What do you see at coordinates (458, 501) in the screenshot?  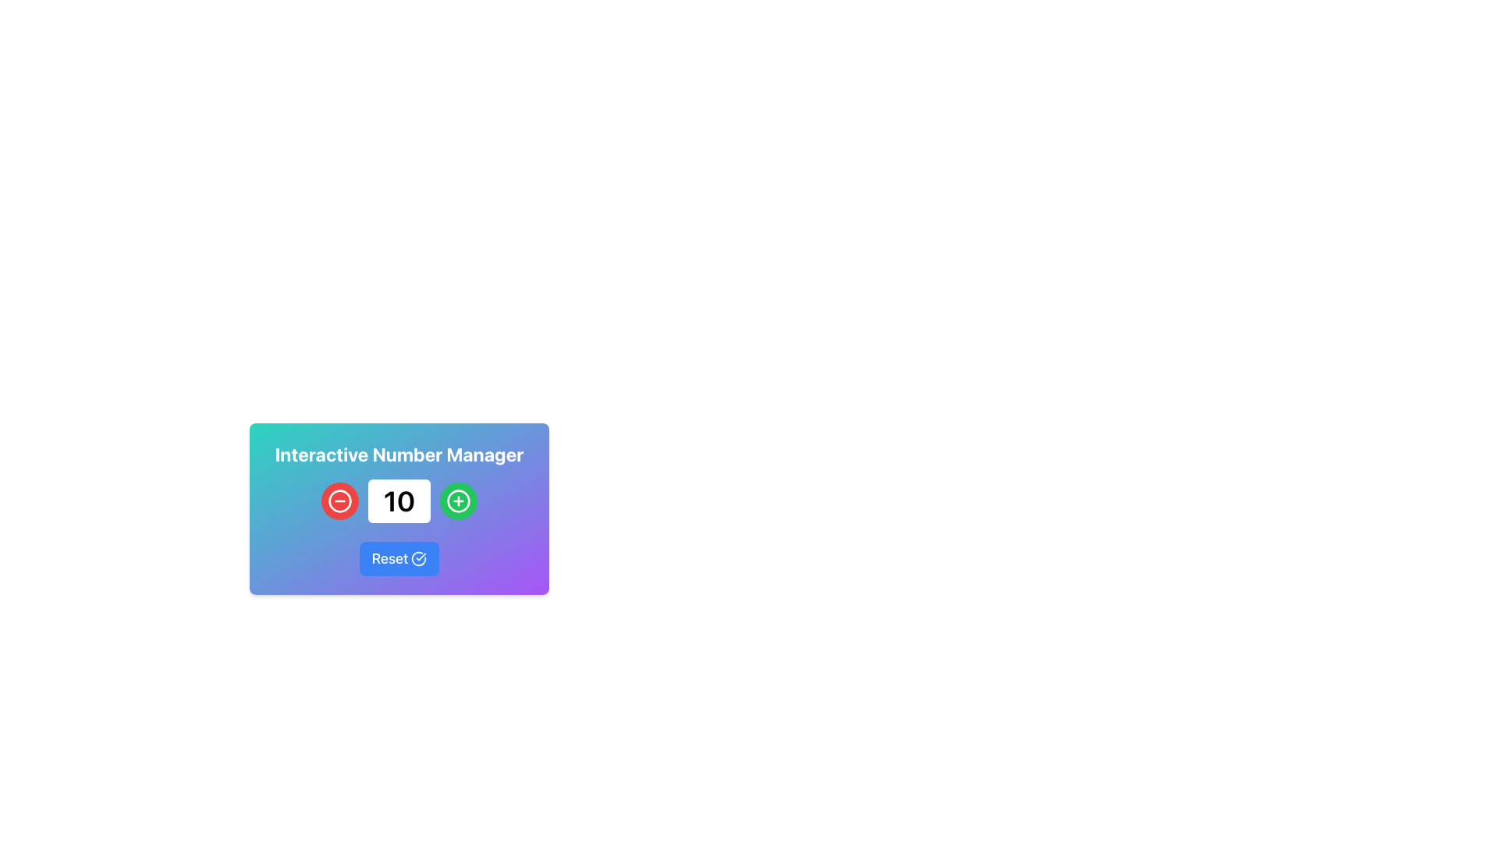 I see `the third button from the left in the horizontal layout at the bottom of the interface to increment the displayed numerical value by one` at bounding box center [458, 501].